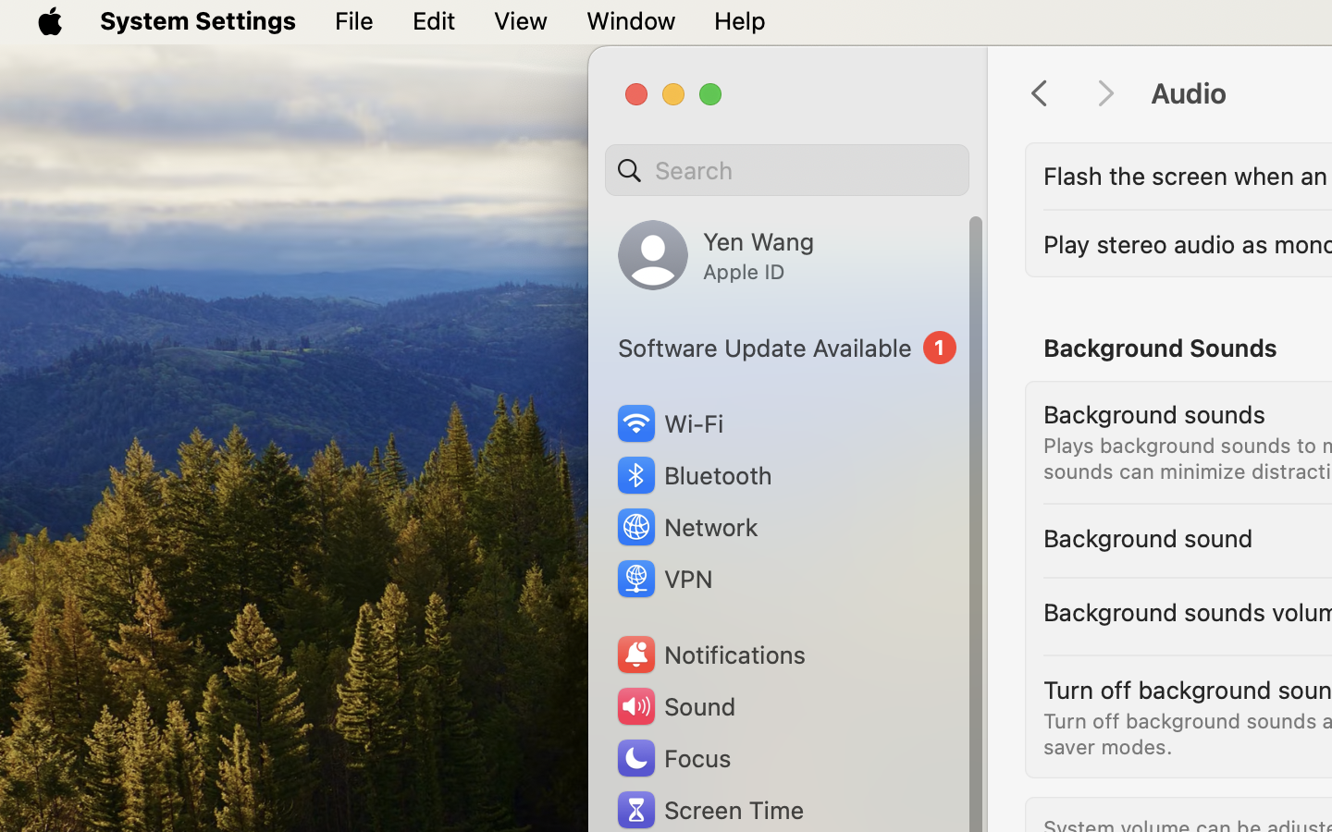  Describe the element at coordinates (685, 526) in the screenshot. I see `'Network'` at that location.